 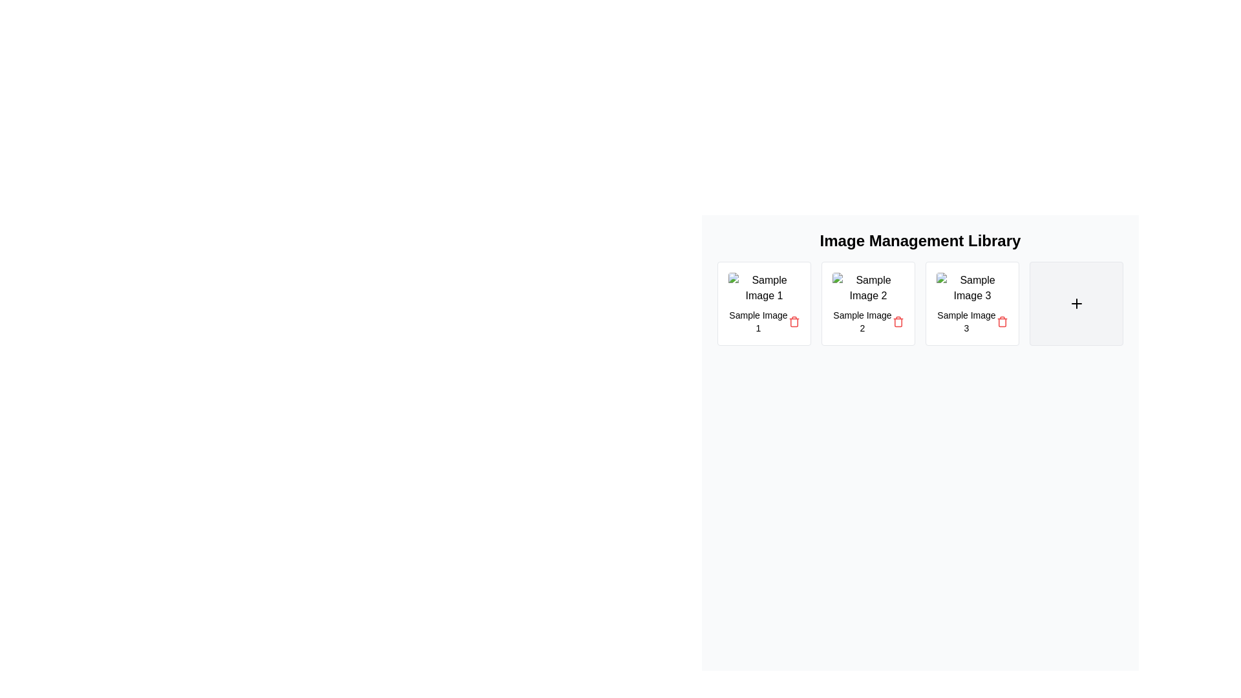 I want to click on the add item button located in the bottom-right corner of the 'Image Management Library' section, so click(x=1076, y=304).